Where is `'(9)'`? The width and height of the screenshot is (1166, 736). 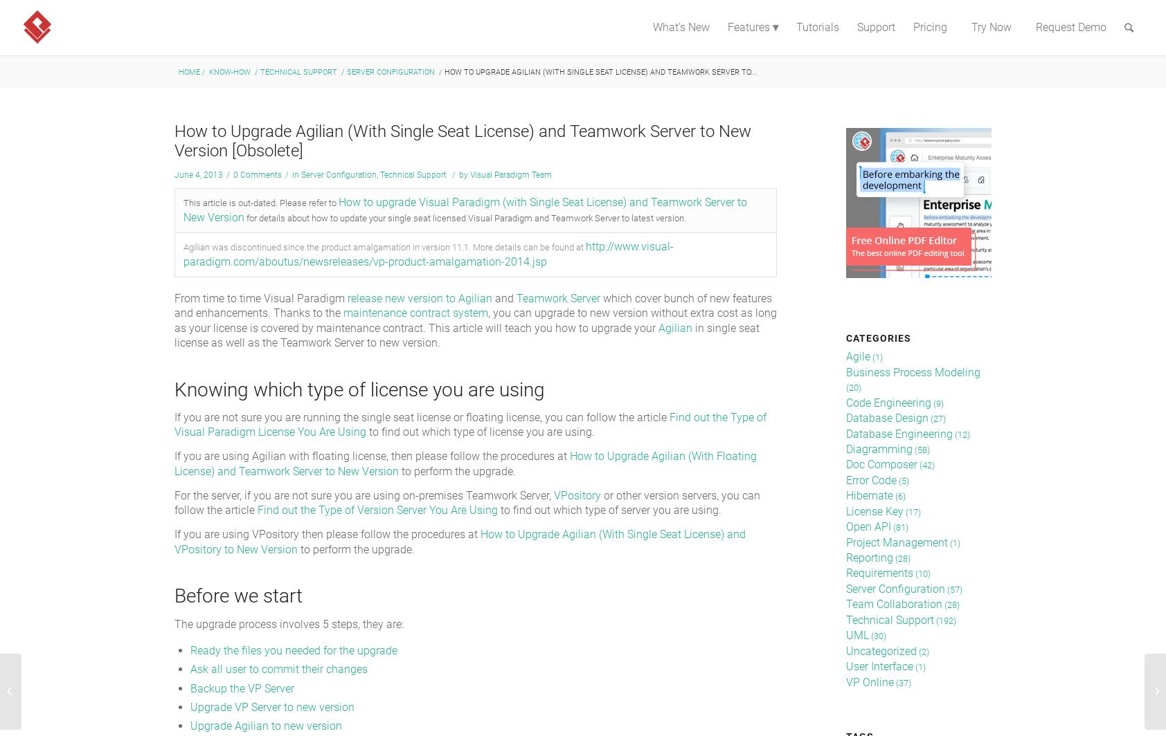 '(9)' is located at coordinates (936, 403).